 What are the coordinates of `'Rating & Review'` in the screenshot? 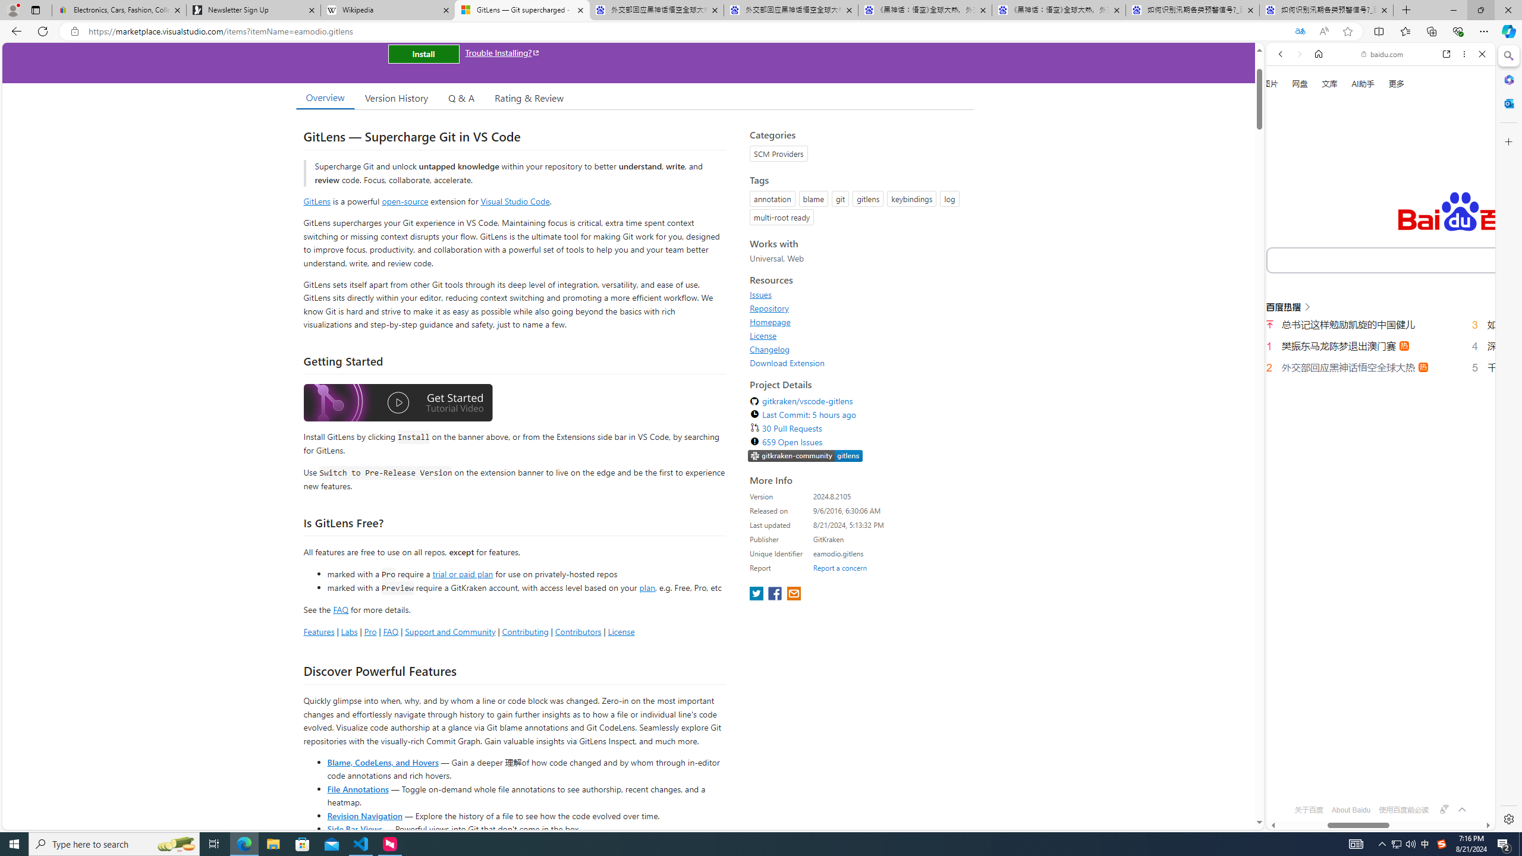 It's located at (528, 97).